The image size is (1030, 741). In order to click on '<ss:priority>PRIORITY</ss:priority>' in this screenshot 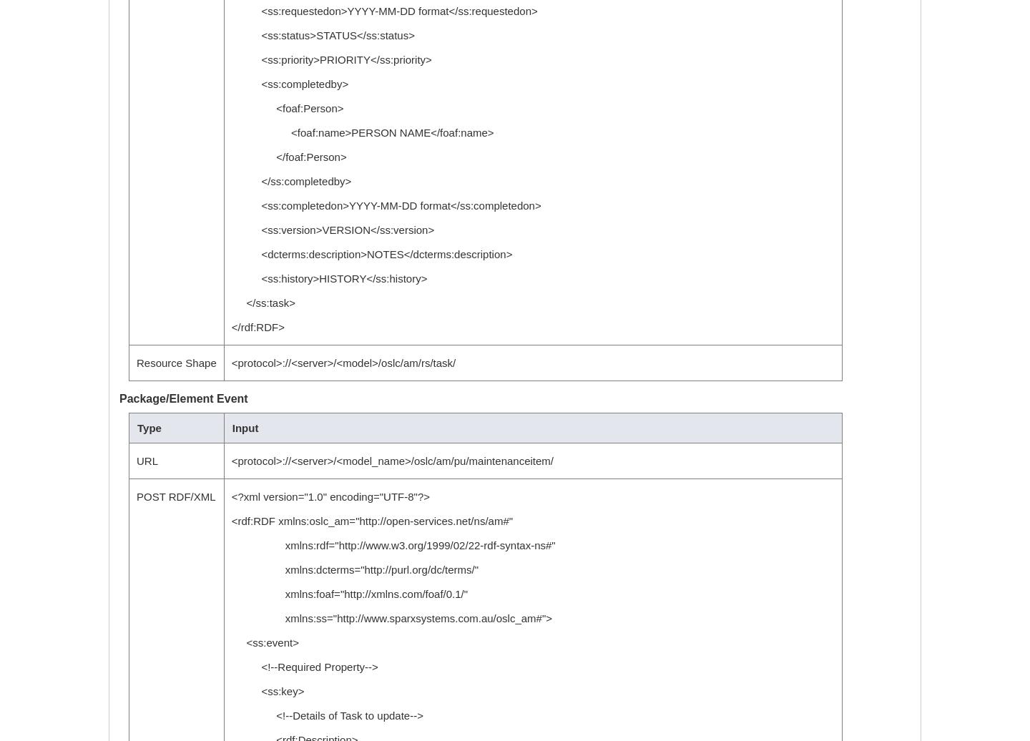, I will do `click(230, 59)`.